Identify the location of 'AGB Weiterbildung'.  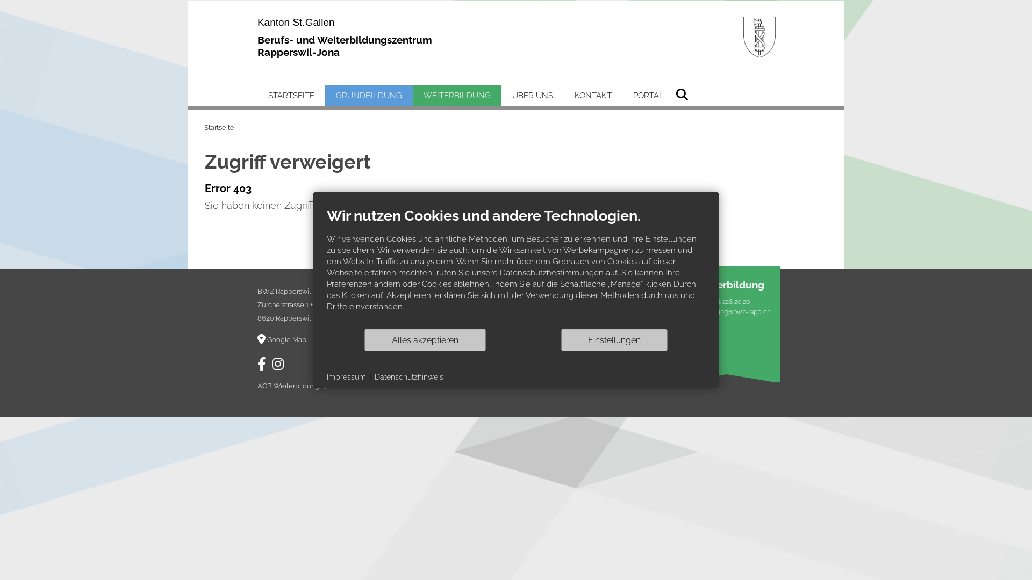
(288, 385).